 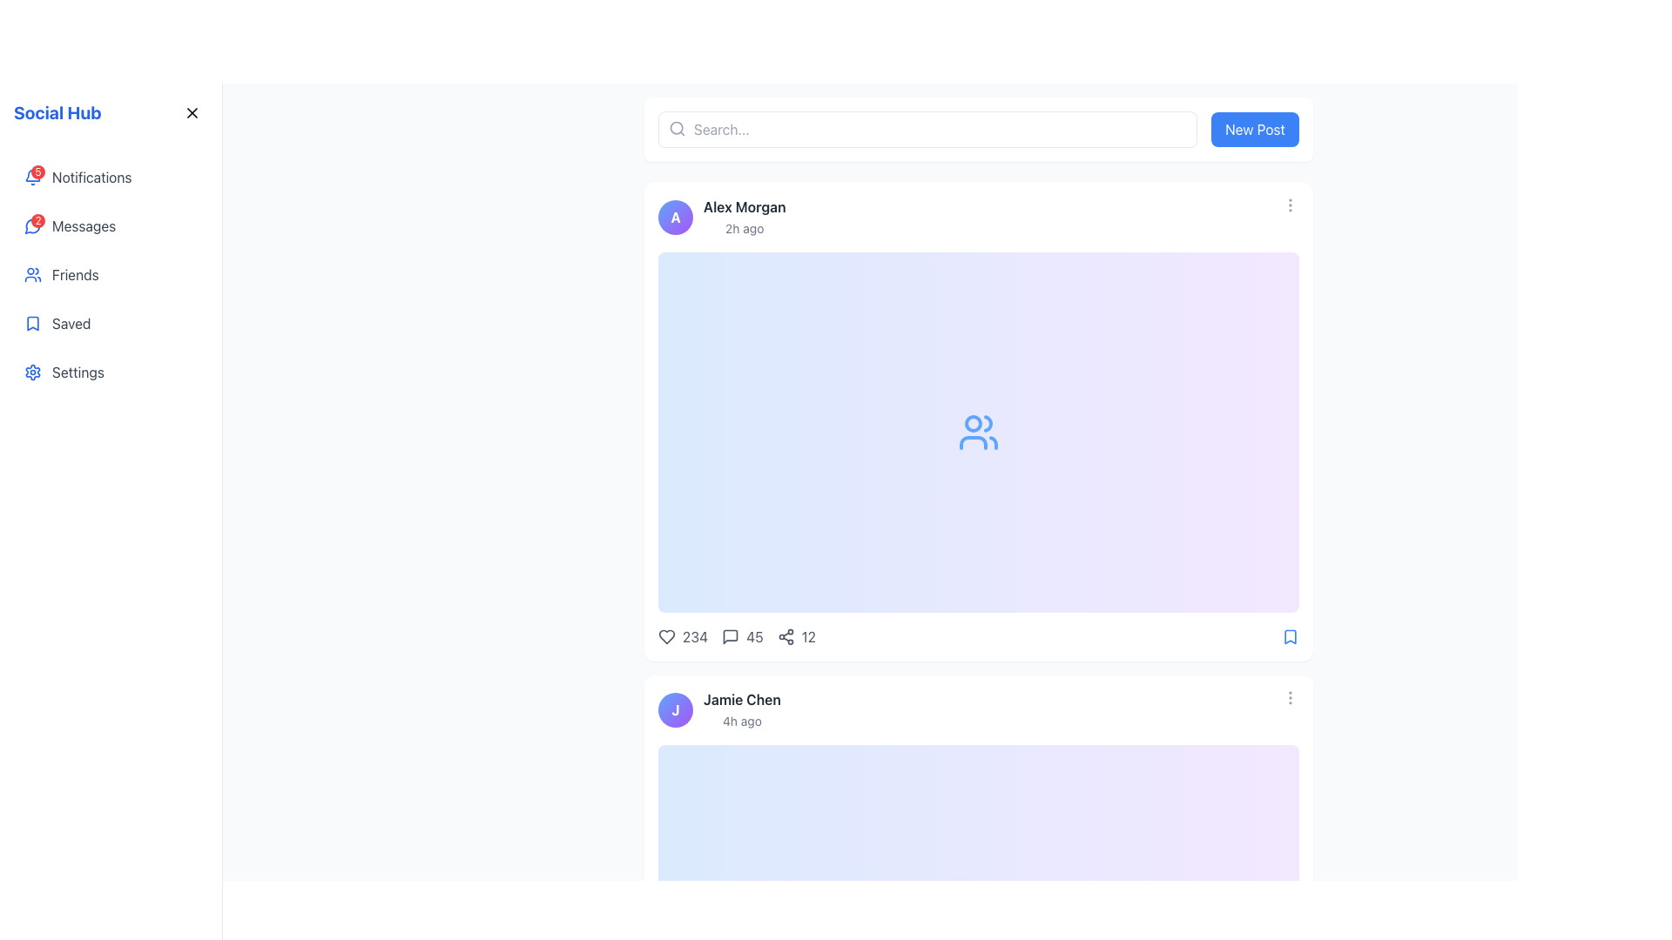 I want to click on the interactive counter displaying the number '45' and comment icon, so click(x=742, y=637).